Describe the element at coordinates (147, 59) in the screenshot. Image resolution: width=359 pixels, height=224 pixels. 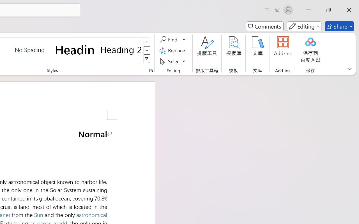
I see `'Styles'` at that location.